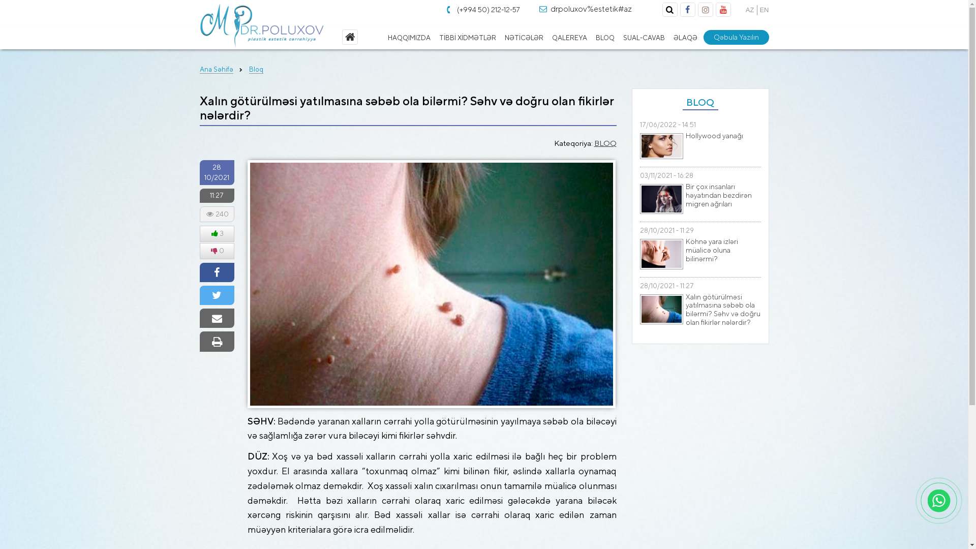  Describe the element at coordinates (593, 143) in the screenshot. I see `'BLOQ'` at that location.